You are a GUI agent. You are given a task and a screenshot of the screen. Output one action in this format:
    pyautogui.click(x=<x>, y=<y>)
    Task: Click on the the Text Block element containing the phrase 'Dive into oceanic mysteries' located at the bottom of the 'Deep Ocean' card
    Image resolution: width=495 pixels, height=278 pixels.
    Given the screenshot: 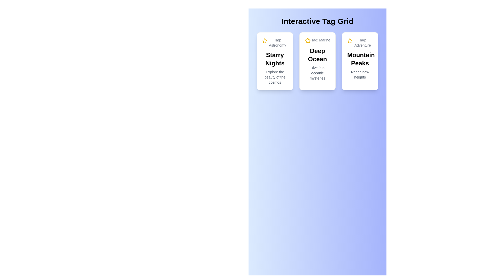 What is the action you would take?
    pyautogui.click(x=317, y=73)
    